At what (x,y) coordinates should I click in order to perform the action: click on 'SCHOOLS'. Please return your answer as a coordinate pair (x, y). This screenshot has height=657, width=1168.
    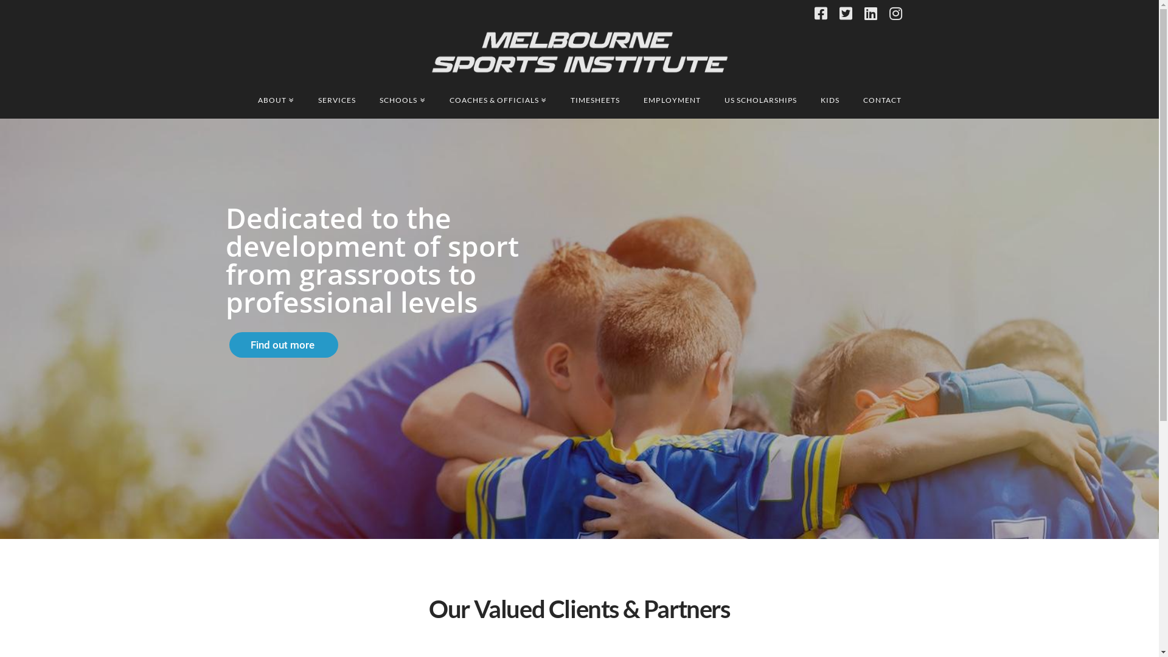
    Looking at the image, I should click on (402, 100).